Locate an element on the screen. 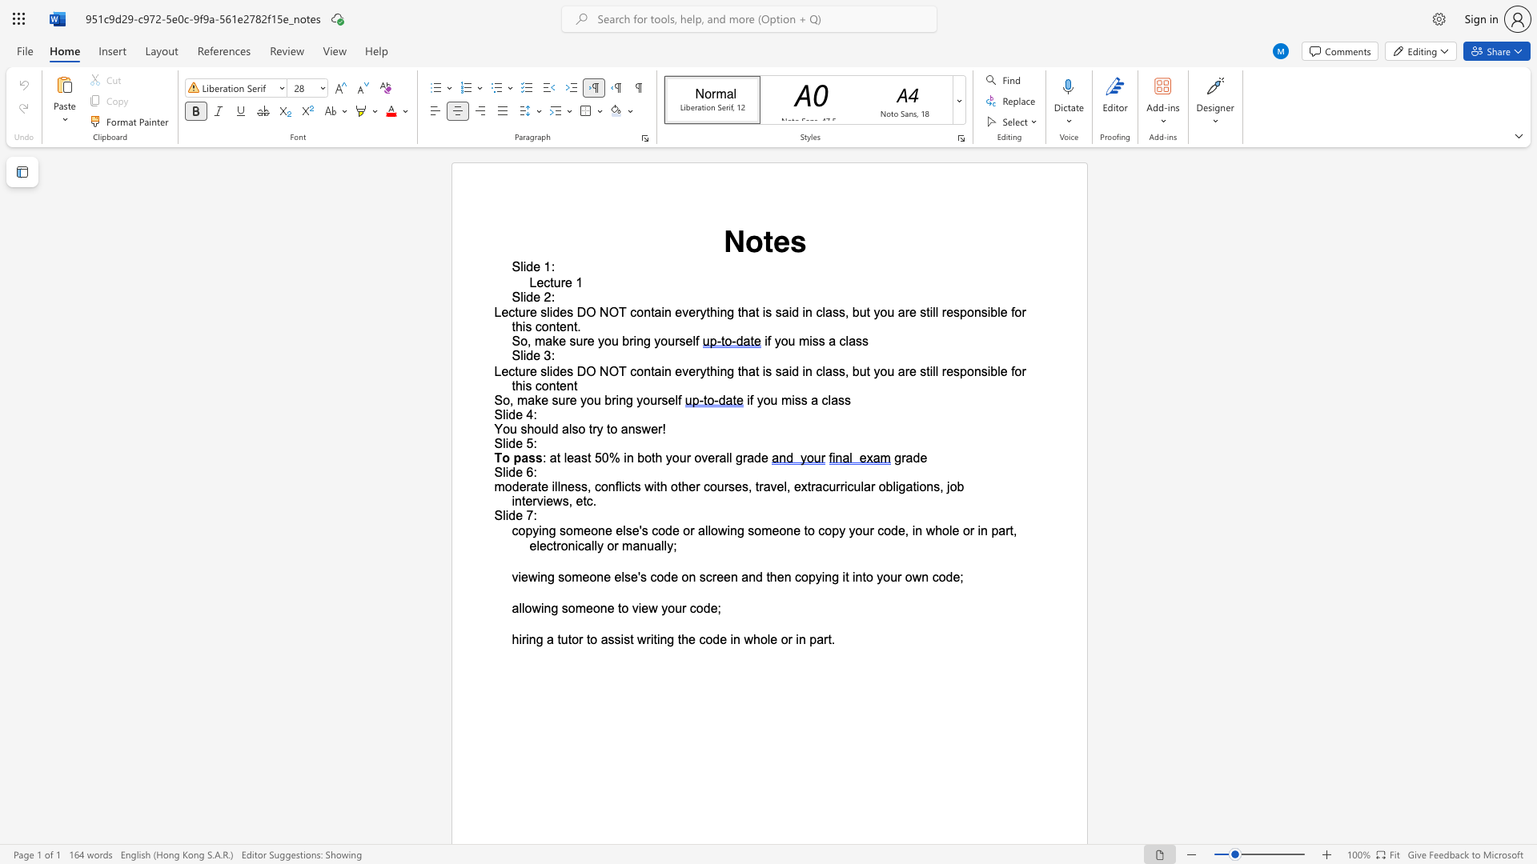  the subset text "rt, elect" within the text "copying someone else" is located at coordinates (1005, 530).